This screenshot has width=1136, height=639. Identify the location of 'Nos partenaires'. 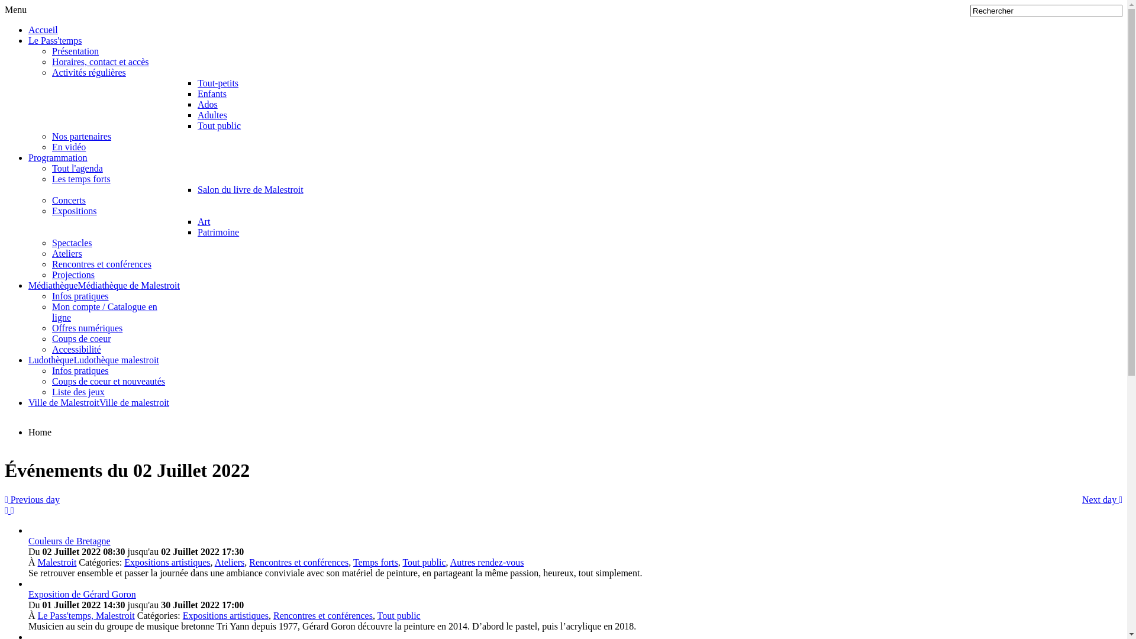
(81, 135).